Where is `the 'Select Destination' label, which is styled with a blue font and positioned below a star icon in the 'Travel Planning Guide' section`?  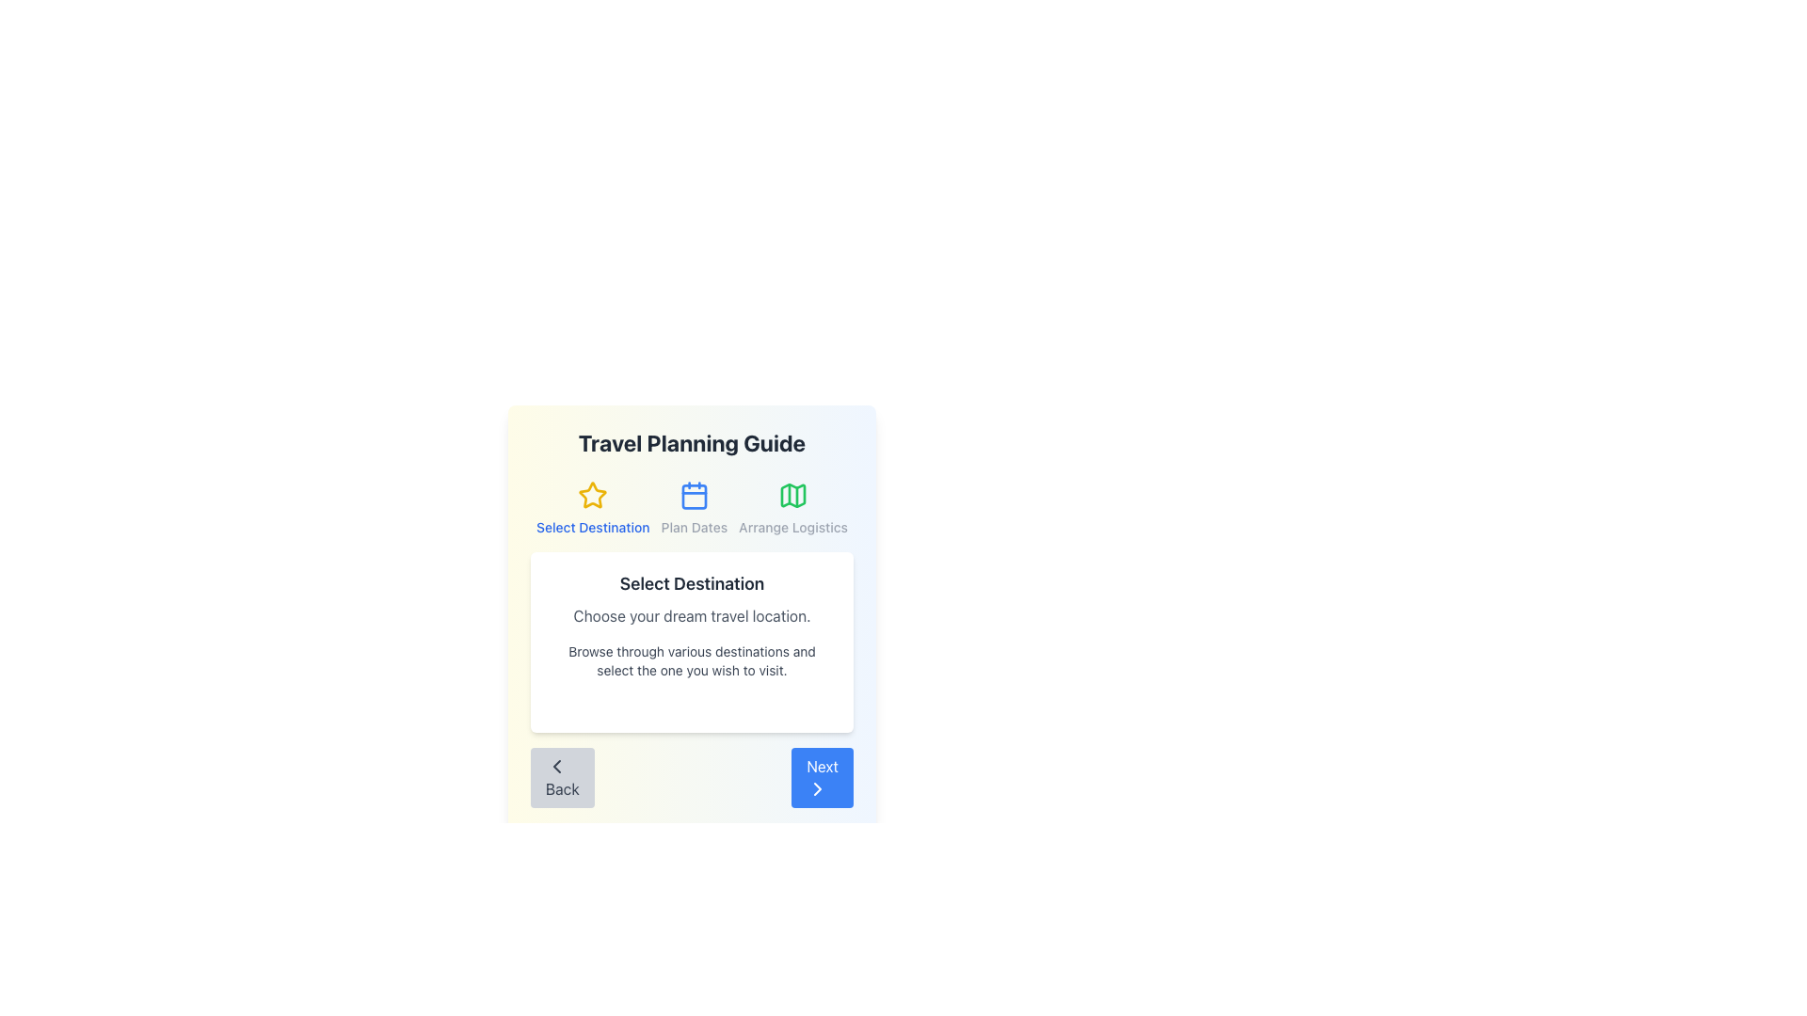
the 'Select Destination' label, which is styled with a blue font and positioned below a star icon in the 'Travel Planning Guide' section is located at coordinates (592, 527).